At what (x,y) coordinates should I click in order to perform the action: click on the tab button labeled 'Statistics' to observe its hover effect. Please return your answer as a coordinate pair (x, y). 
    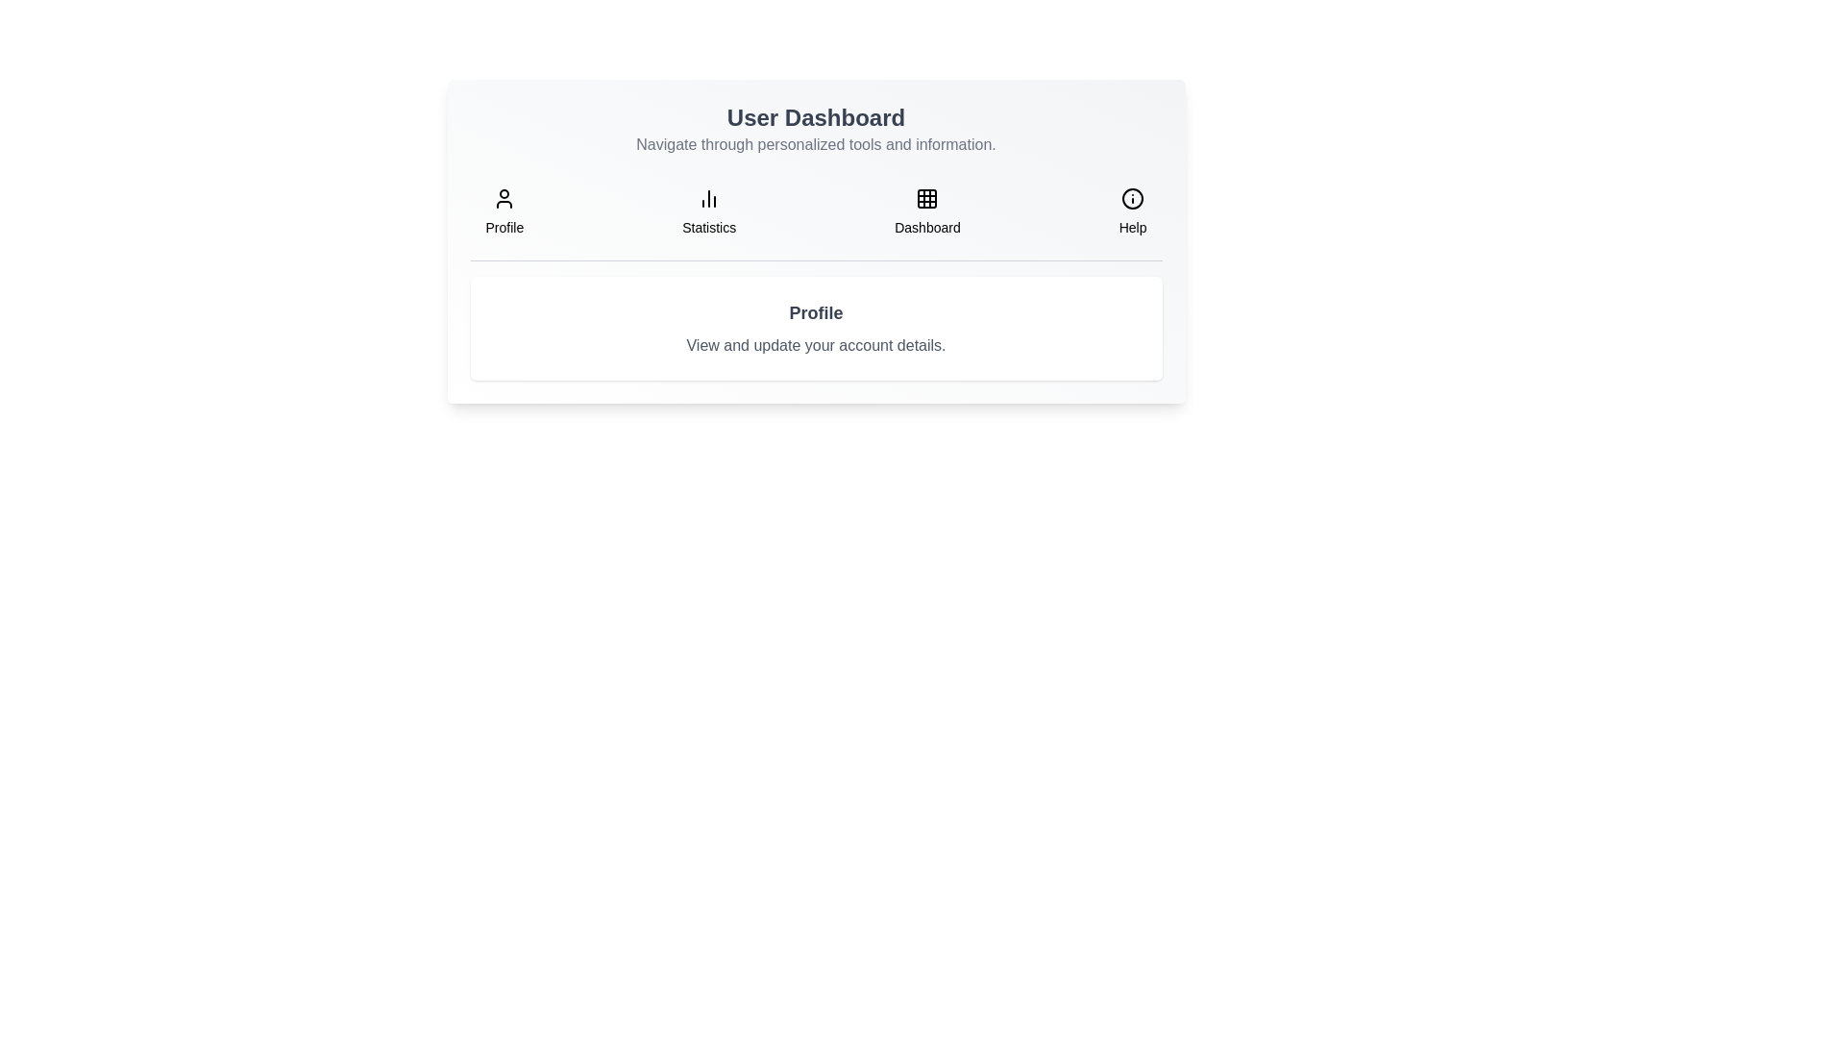
    Looking at the image, I should click on (708, 211).